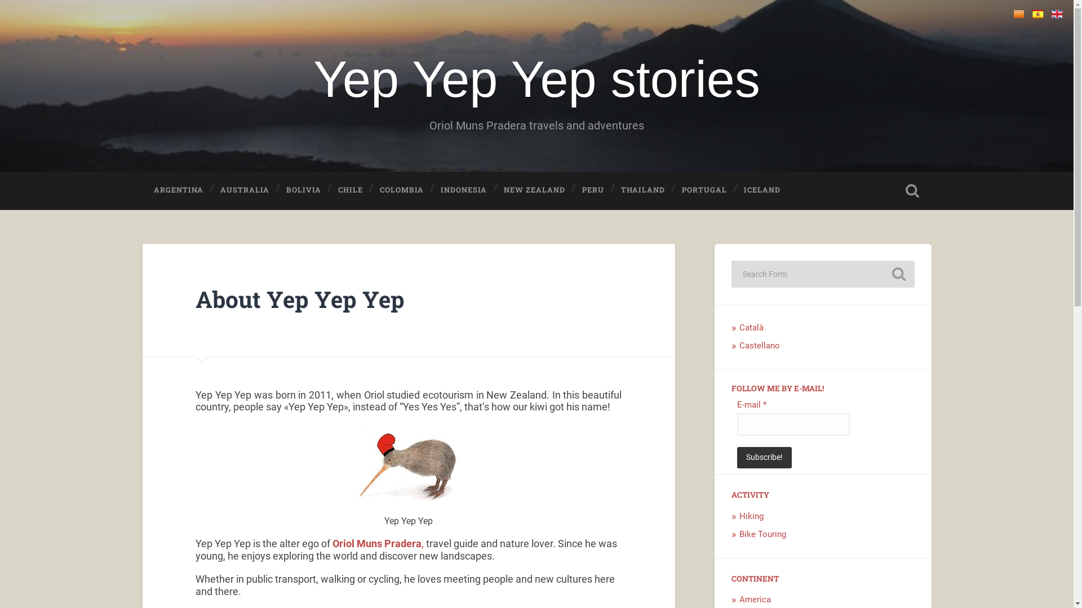 The width and height of the screenshot is (1082, 608). Describe the element at coordinates (534, 189) in the screenshot. I see `'NEW ZEALAND'` at that location.